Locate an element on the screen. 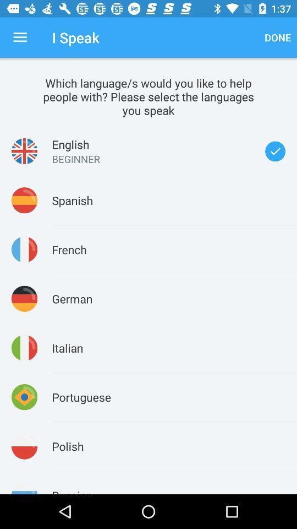  the item next to the i speak icon is located at coordinates (20, 37).